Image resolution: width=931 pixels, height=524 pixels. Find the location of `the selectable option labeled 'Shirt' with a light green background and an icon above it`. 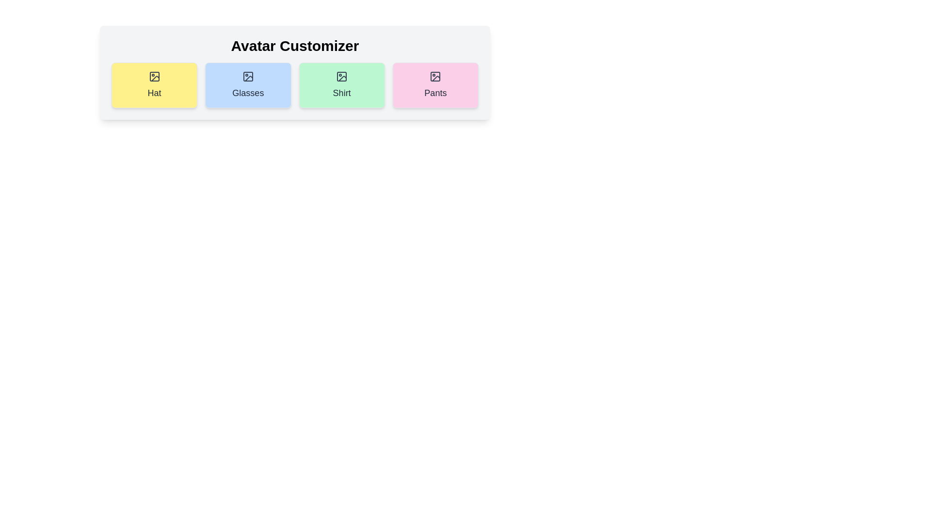

the selectable option labeled 'Shirt' with a light green background and an icon above it is located at coordinates (342, 85).